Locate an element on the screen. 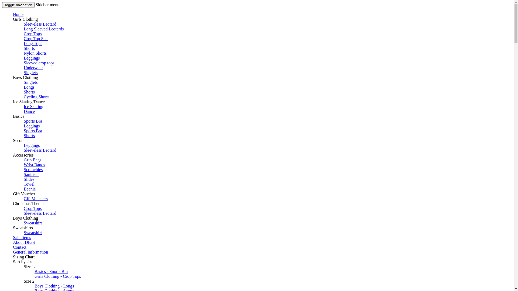  'Leggings' is located at coordinates (32, 58).